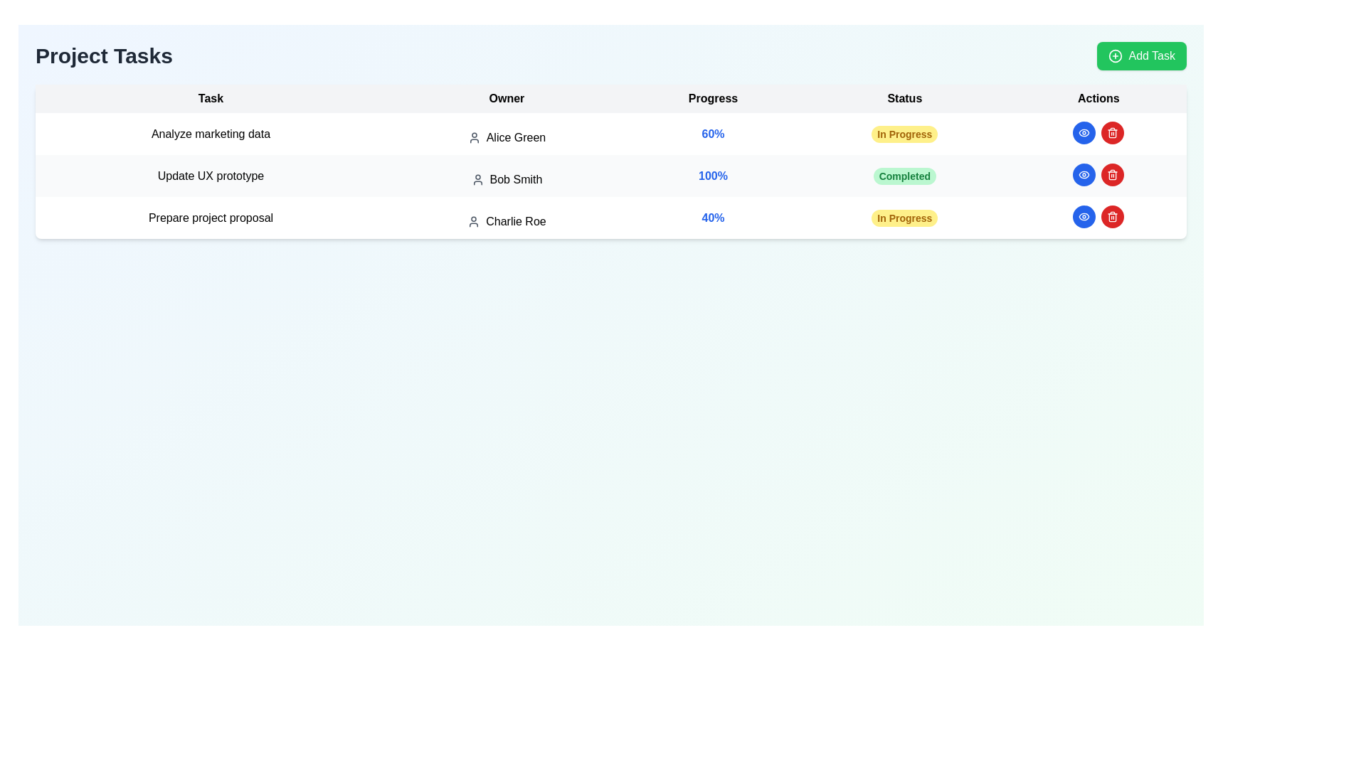  What do you see at coordinates (507, 97) in the screenshot?
I see `the text label reading 'Owner', which is styled in bold and centered within a light gray rectangular space, positioned between the 'Task' and 'Progress' headers at the top of the page` at bounding box center [507, 97].